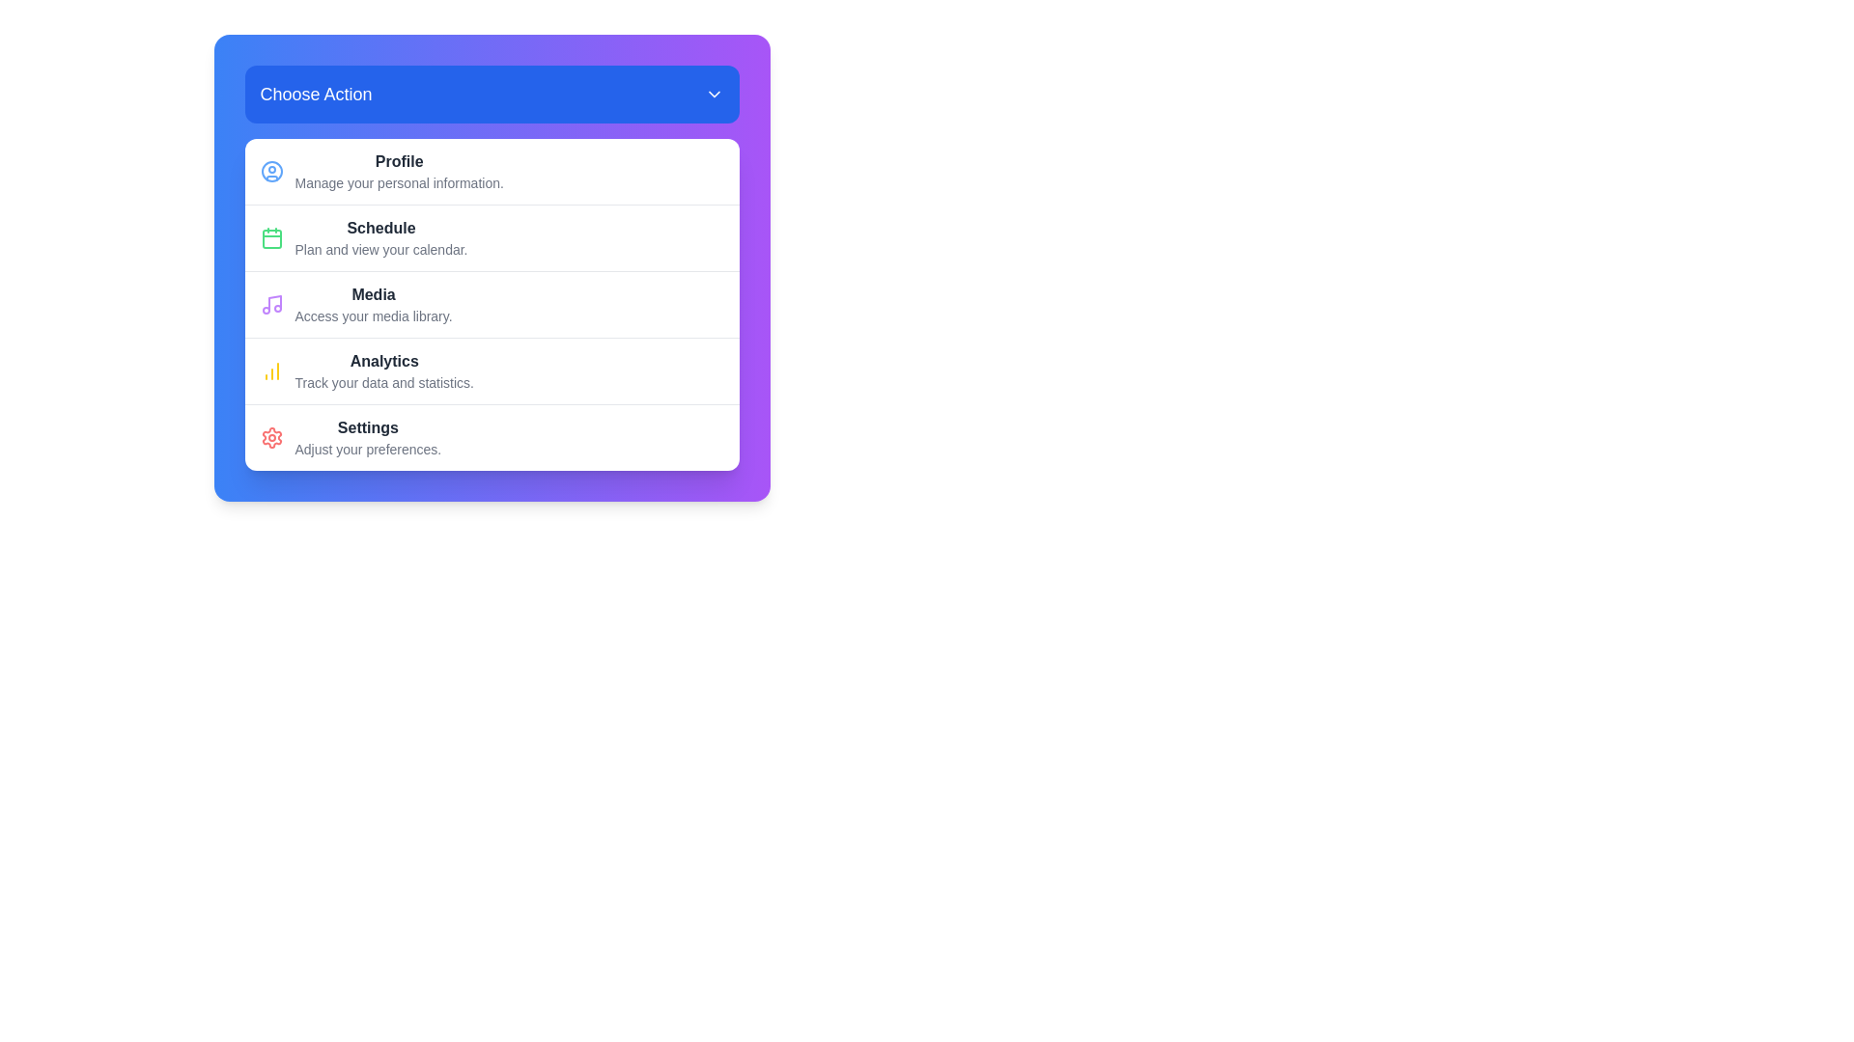  I want to click on the fourth menu item in the 'Choose Action' section, so click(492, 370).